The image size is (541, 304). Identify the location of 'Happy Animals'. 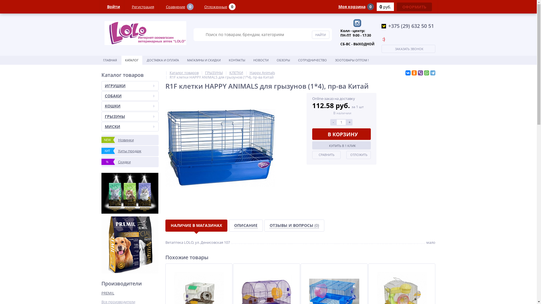
(262, 72).